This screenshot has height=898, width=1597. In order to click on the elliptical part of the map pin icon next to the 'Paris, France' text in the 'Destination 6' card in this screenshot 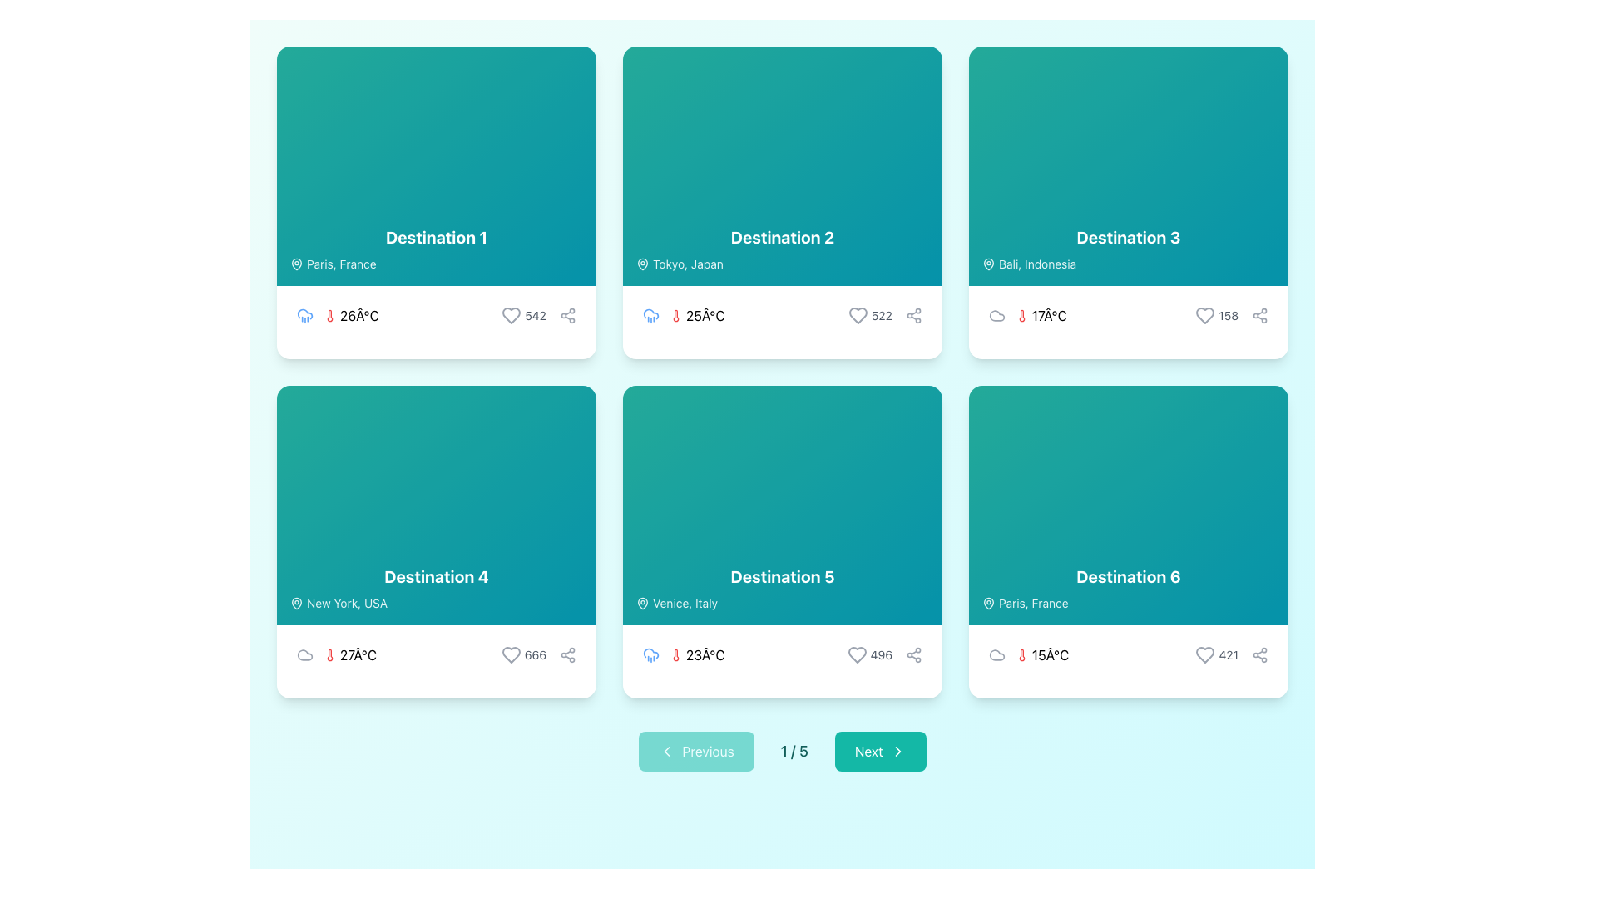, I will do `click(989, 603)`.